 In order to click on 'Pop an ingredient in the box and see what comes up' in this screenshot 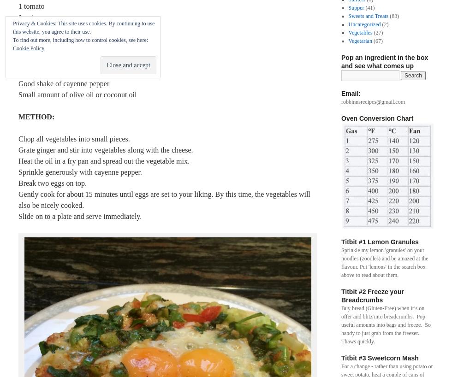, I will do `click(384, 61)`.